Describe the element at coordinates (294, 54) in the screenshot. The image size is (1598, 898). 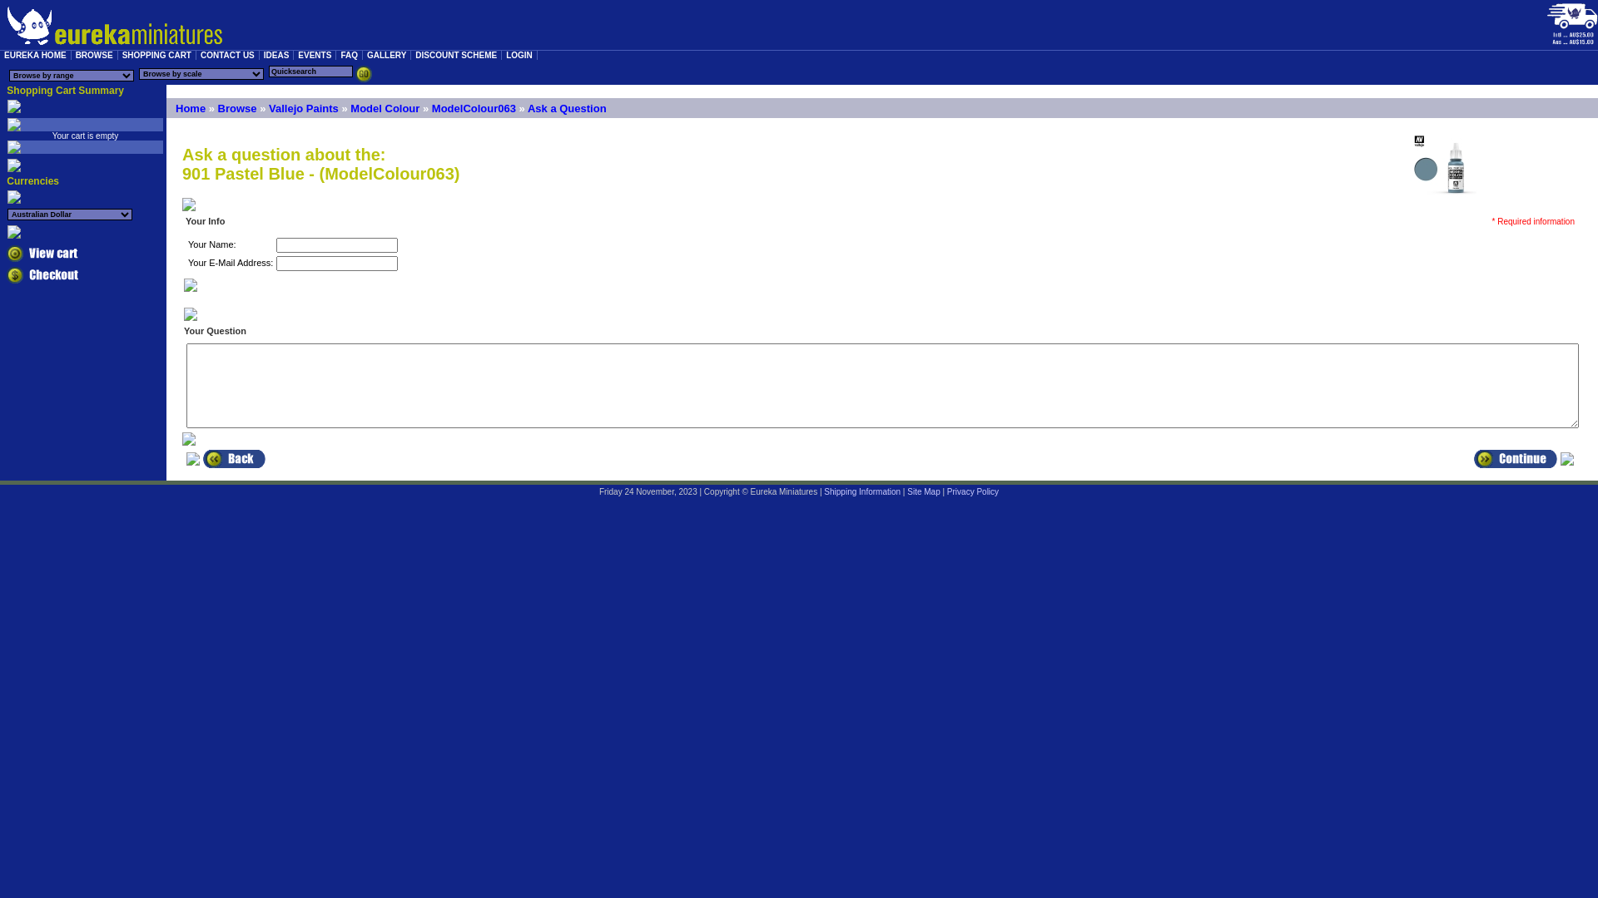
I see `'EVENTS'` at that location.